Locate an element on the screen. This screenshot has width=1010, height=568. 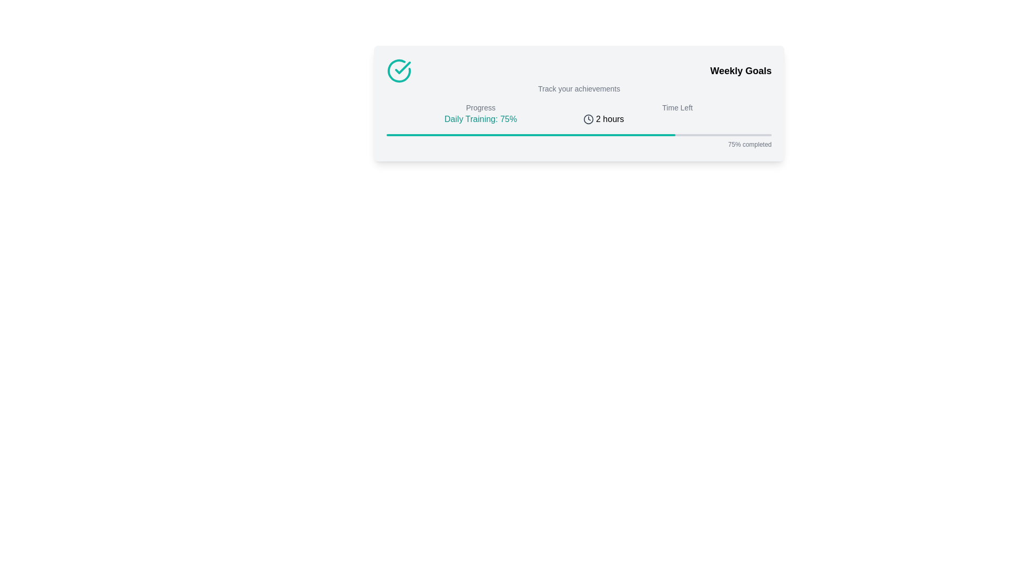
the teal progress indicator, which visually represents the percentage of progress completed, located at the bottom of the card is located at coordinates (531, 135).